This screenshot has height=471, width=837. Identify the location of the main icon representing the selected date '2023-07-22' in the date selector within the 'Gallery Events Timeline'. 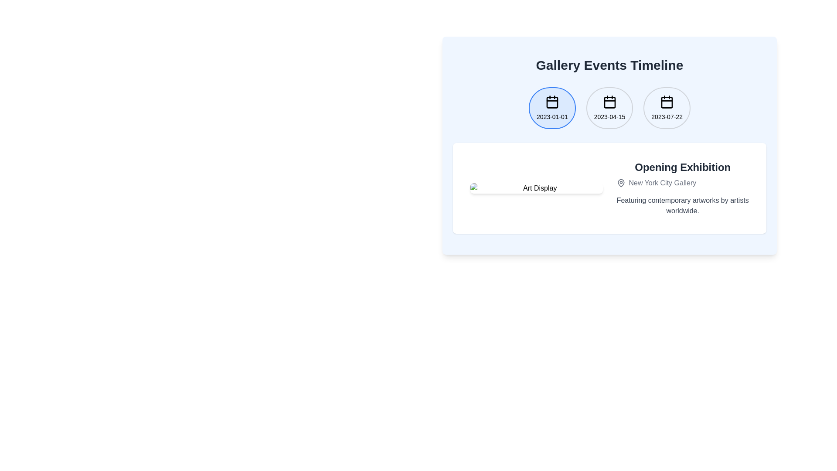
(667, 102).